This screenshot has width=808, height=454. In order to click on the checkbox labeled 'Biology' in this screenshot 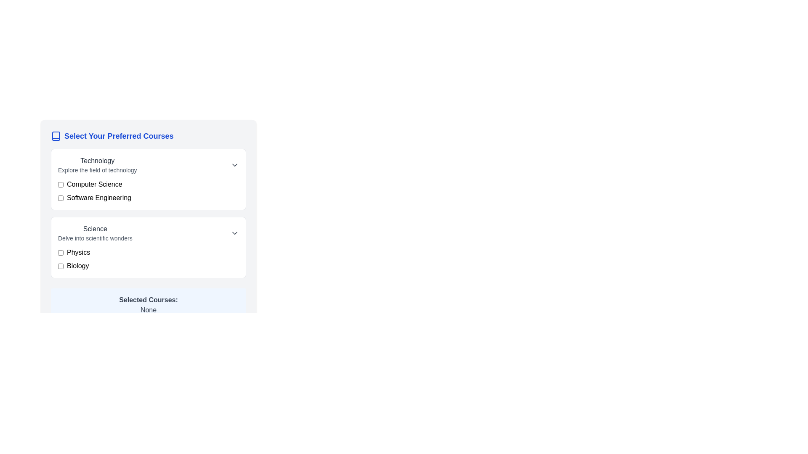, I will do `click(149, 259)`.